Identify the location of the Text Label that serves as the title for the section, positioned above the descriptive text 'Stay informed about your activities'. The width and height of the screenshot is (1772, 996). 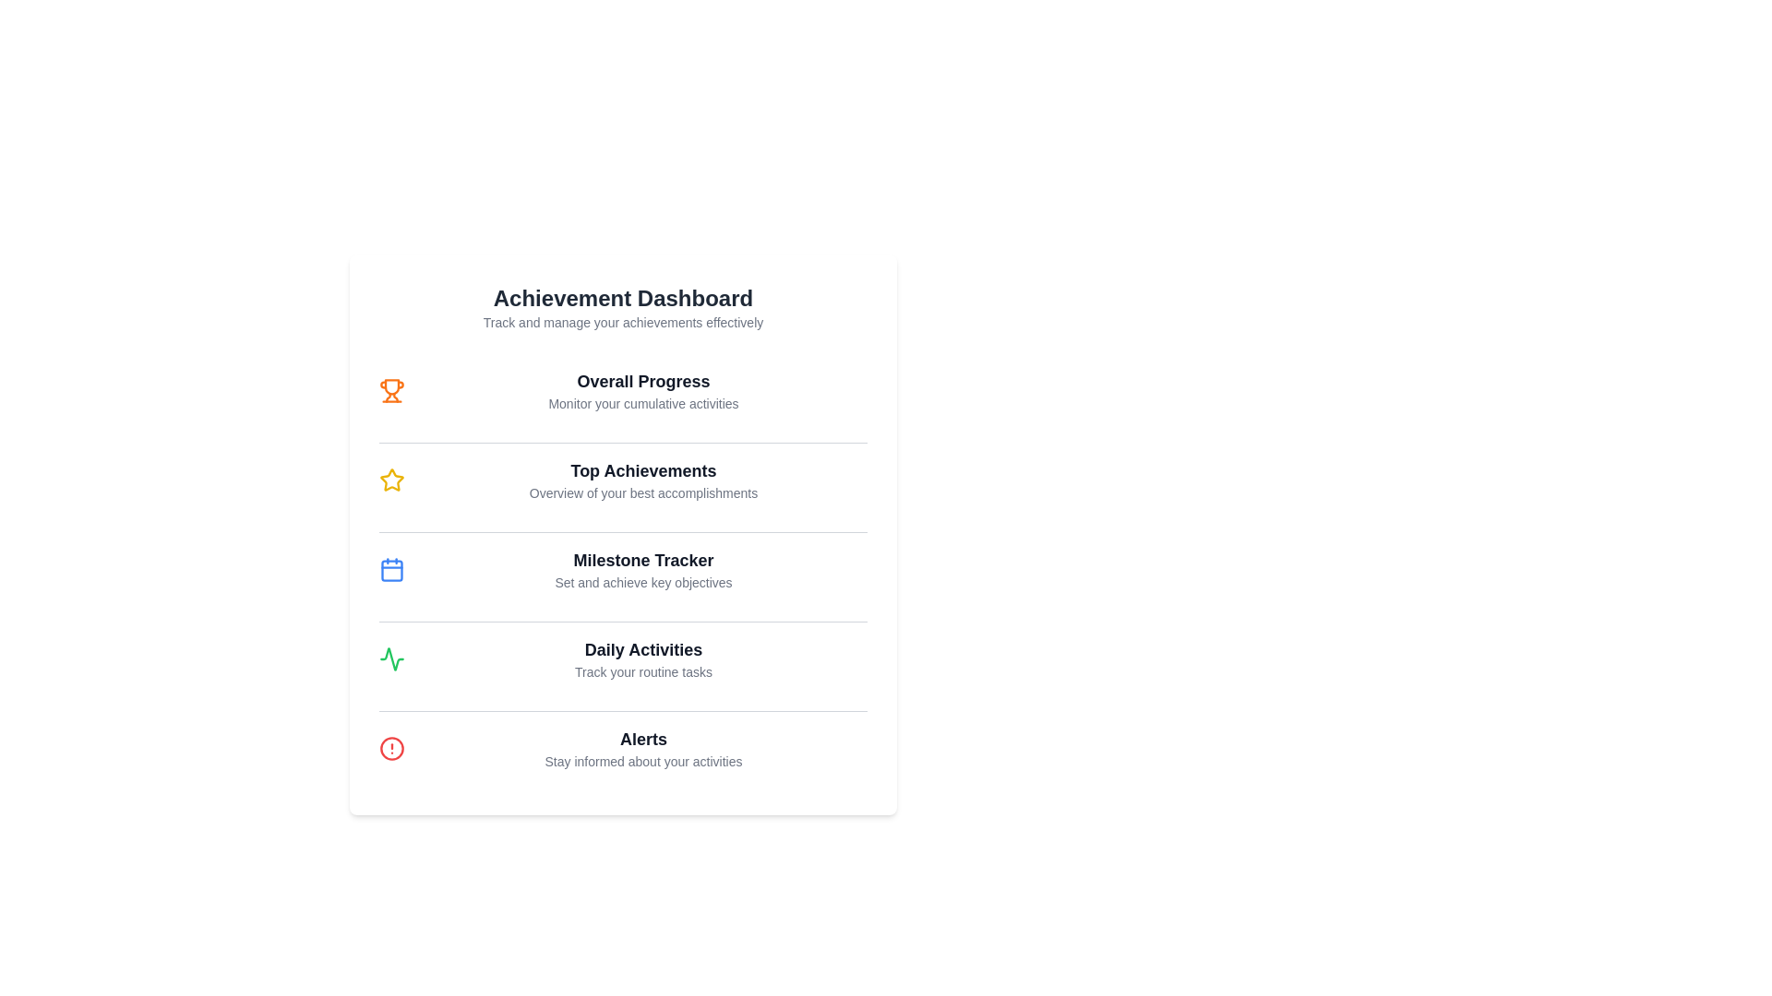
(643, 739).